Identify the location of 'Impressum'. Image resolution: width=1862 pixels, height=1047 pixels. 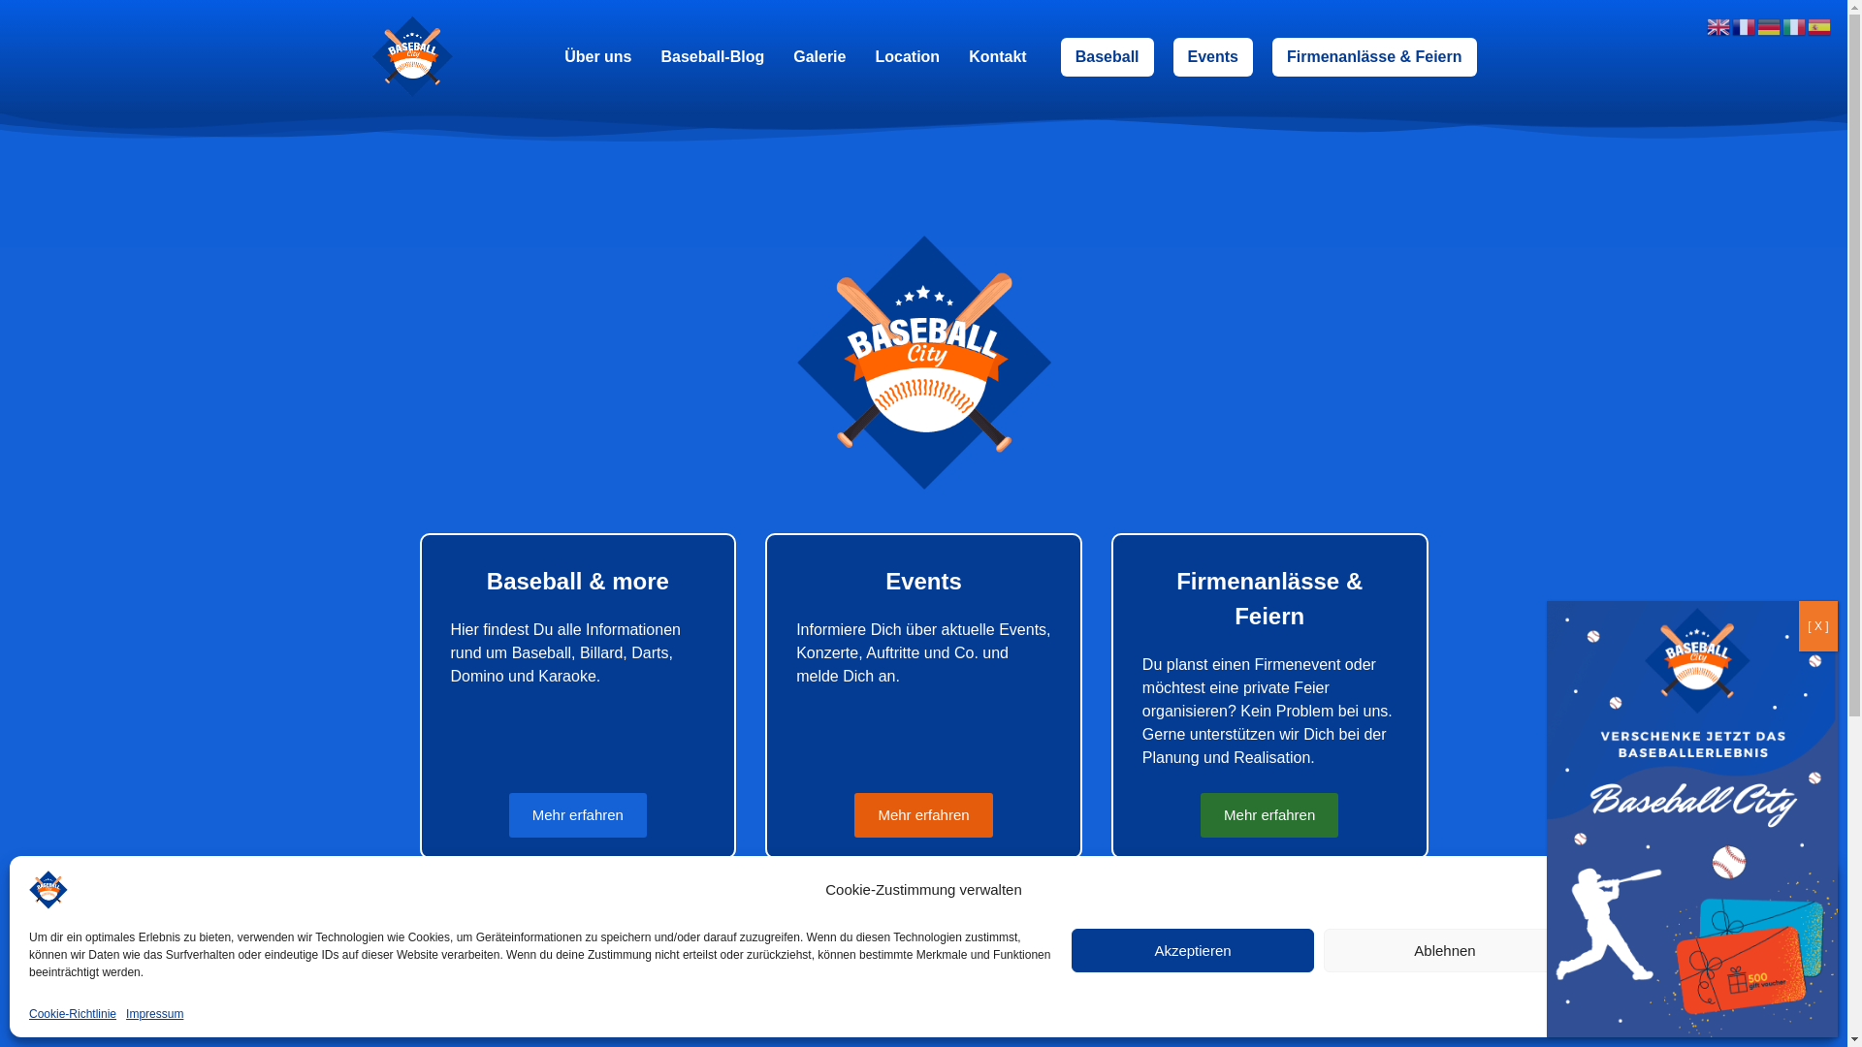
(153, 1012).